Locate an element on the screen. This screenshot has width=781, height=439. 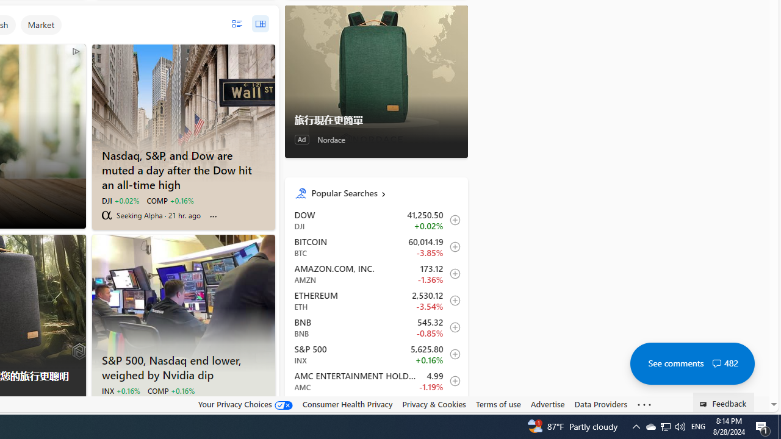
'Popular Searches' is located at coordinates (384, 192).